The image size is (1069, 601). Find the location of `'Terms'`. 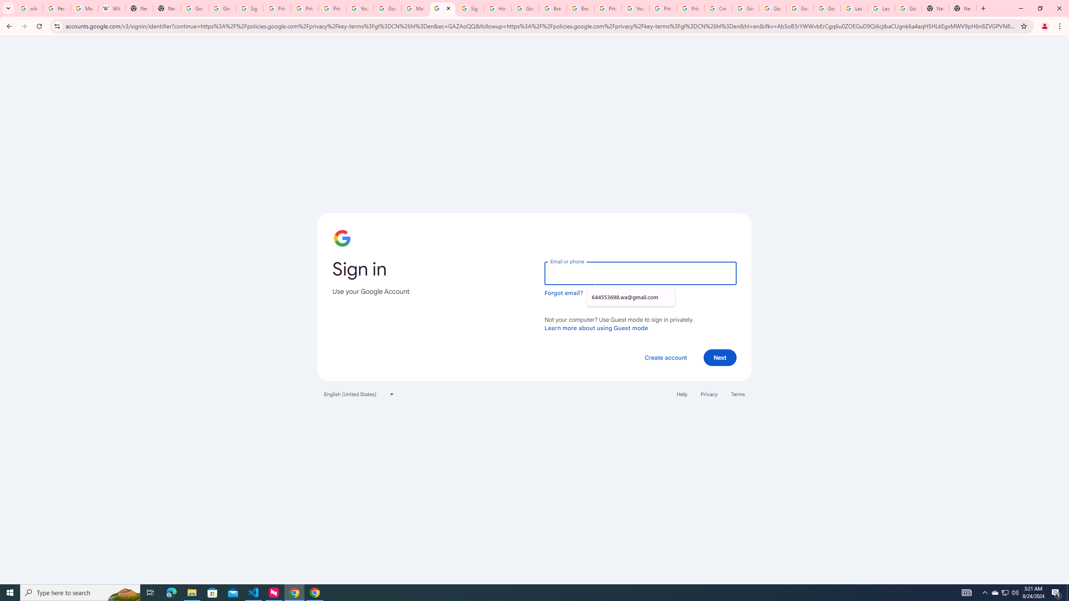

'Terms' is located at coordinates (737, 393).